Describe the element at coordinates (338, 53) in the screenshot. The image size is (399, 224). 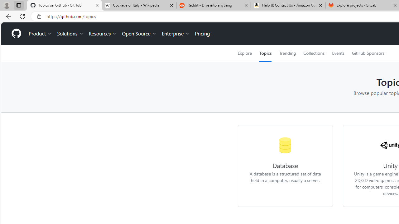
I see `'Events'` at that location.